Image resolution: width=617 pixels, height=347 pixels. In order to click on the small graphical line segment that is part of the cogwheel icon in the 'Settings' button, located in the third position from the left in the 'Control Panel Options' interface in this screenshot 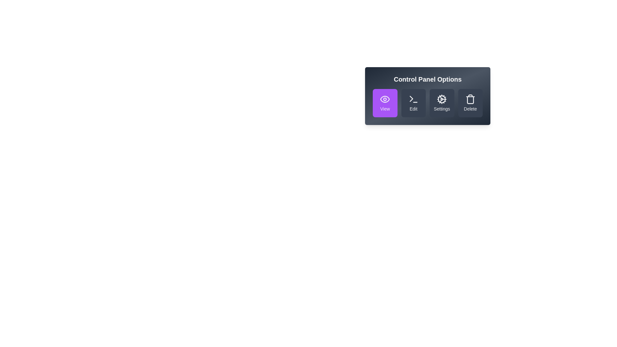, I will do `click(440, 97)`.